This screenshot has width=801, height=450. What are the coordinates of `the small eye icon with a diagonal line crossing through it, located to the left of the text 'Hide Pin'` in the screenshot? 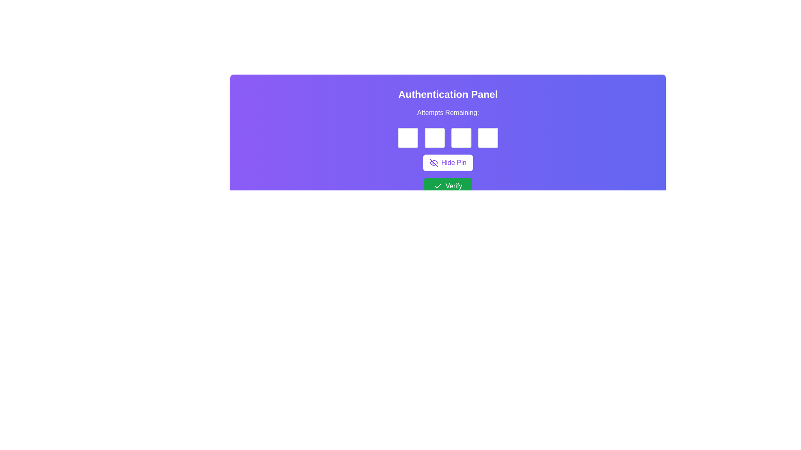 It's located at (433, 162).